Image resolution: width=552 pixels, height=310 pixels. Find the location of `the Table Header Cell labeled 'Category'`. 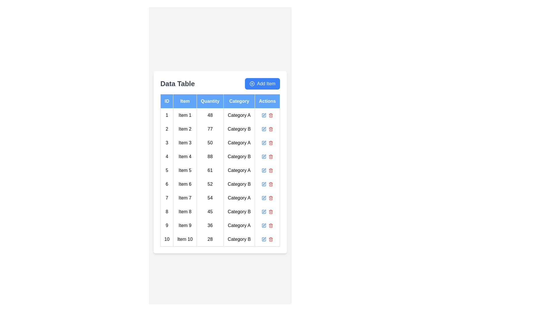

the Table Header Cell labeled 'Category' is located at coordinates (239, 100).